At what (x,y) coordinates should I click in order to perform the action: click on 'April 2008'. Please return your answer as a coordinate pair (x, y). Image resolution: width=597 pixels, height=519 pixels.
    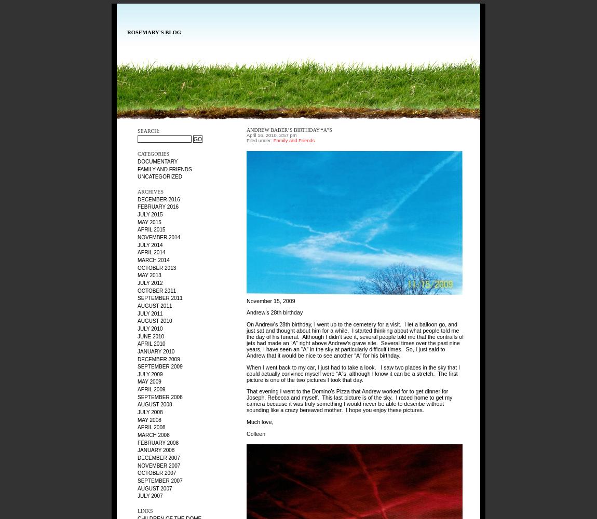
    Looking at the image, I should click on (151, 427).